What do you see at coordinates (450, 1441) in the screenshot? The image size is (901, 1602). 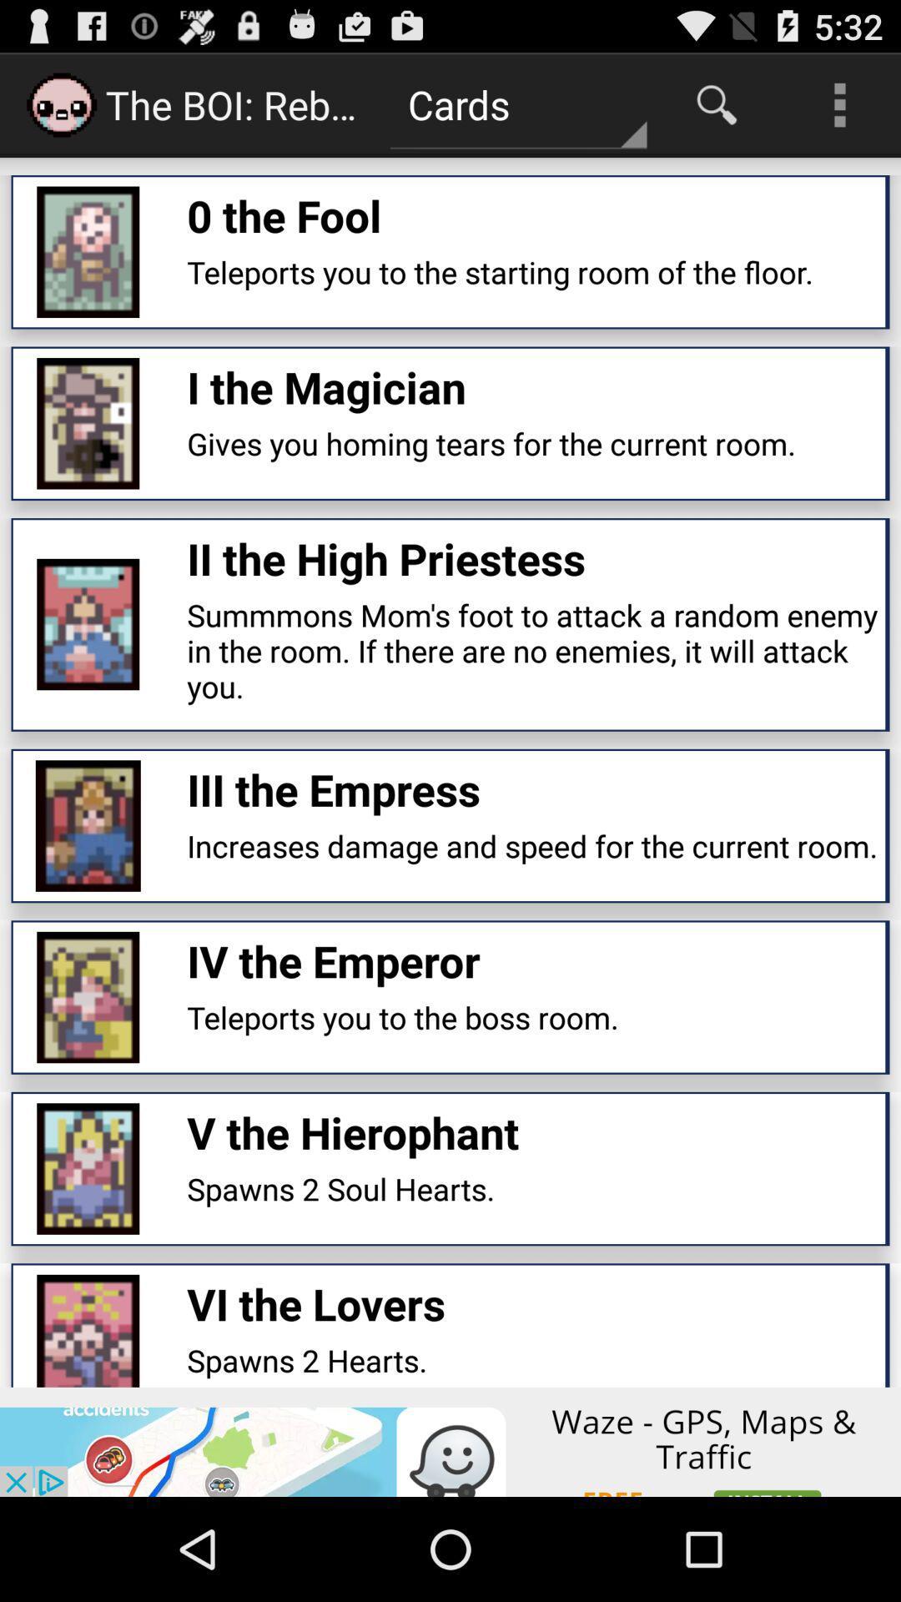 I see `click the advertisement` at bounding box center [450, 1441].